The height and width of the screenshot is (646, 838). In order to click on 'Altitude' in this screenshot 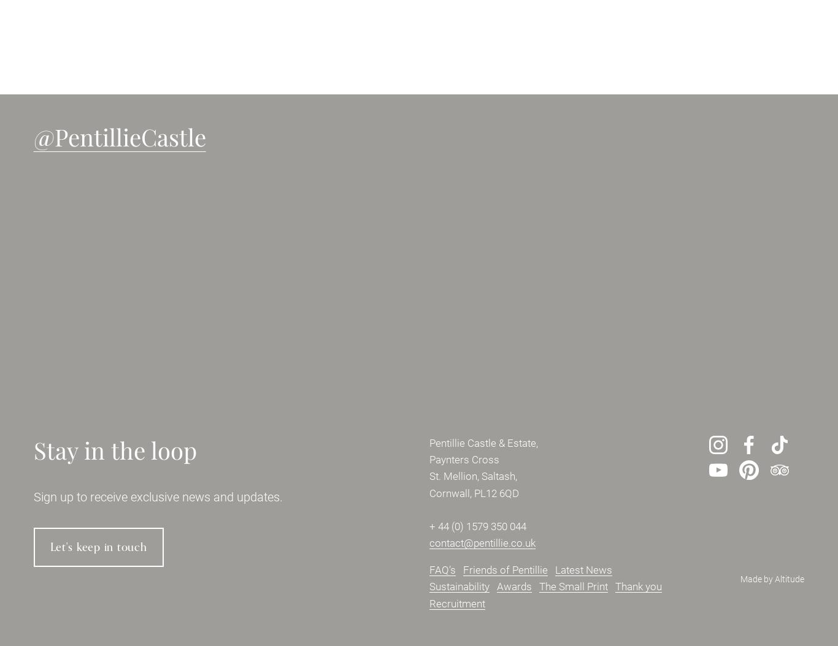, I will do `click(789, 579)`.